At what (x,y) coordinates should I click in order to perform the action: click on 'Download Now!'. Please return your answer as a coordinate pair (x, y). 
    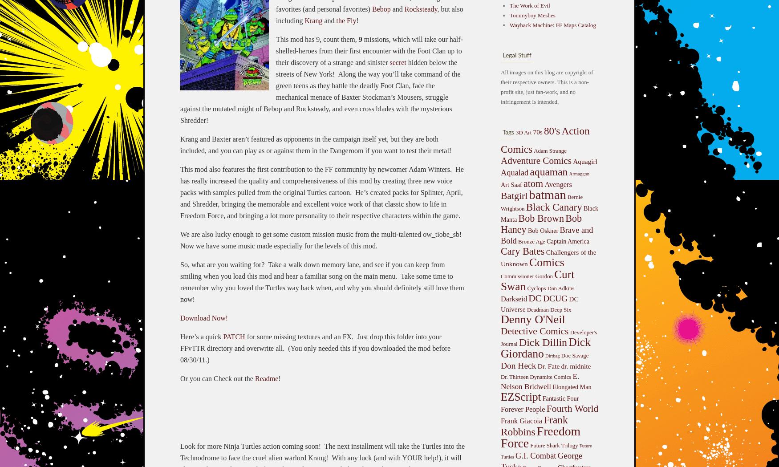
    Looking at the image, I should click on (179, 317).